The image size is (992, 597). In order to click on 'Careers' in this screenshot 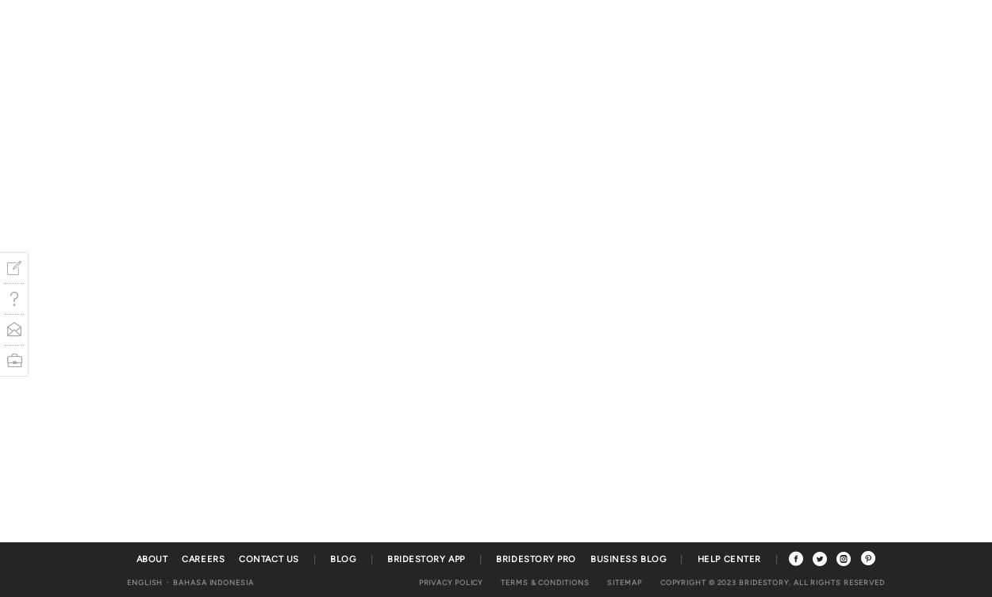, I will do `click(203, 558)`.